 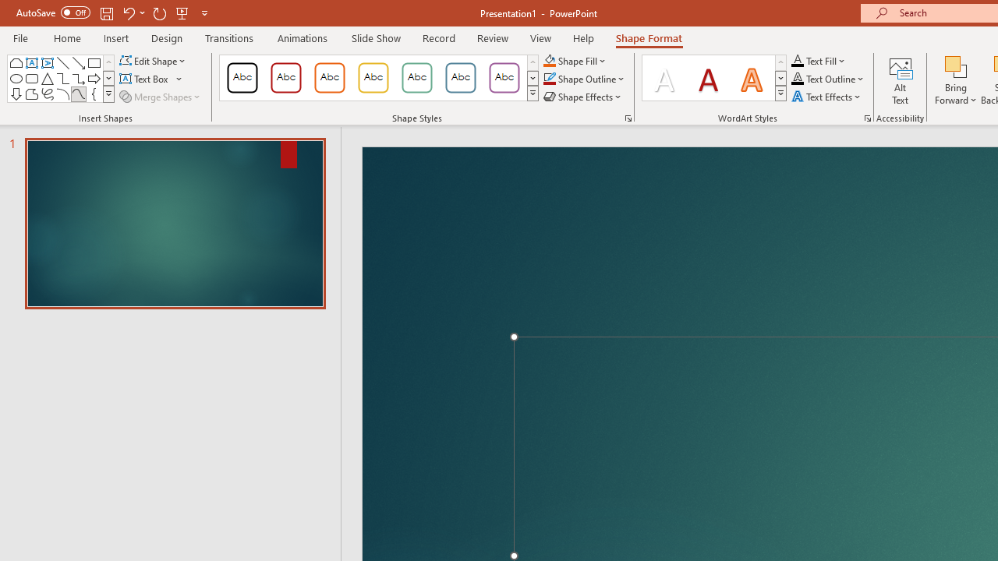 What do you see at coordinates (20, 37) in the screenshot?
I see `'File Tab'` at bounding box center [20, 37].